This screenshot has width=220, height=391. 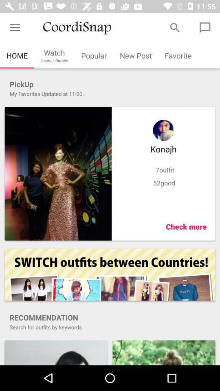 What do you see at coordinates (57, 174) in the screenshot?
I see `photo` at bounding box center [57, 174].